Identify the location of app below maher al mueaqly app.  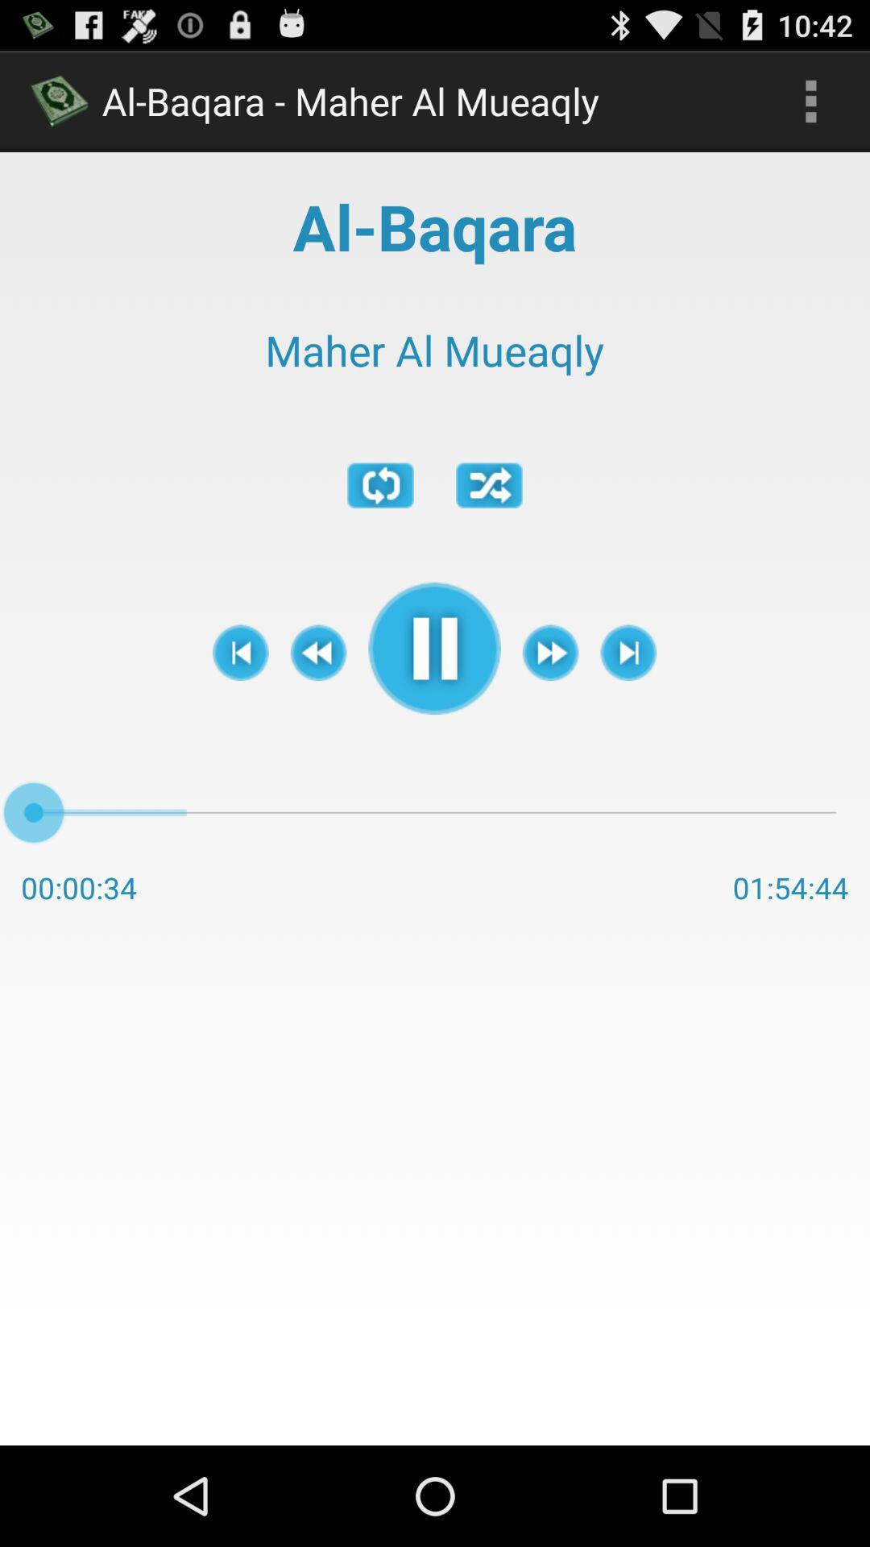
(488, 484).